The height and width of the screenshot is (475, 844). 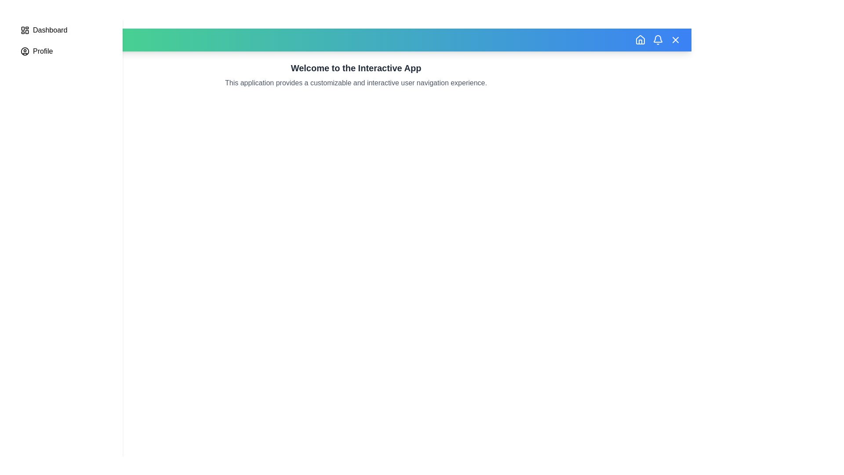 I want to click on the home navigation icon button located on the blue header bar at the top-right corner of the interface, so click(x=640, y=39).